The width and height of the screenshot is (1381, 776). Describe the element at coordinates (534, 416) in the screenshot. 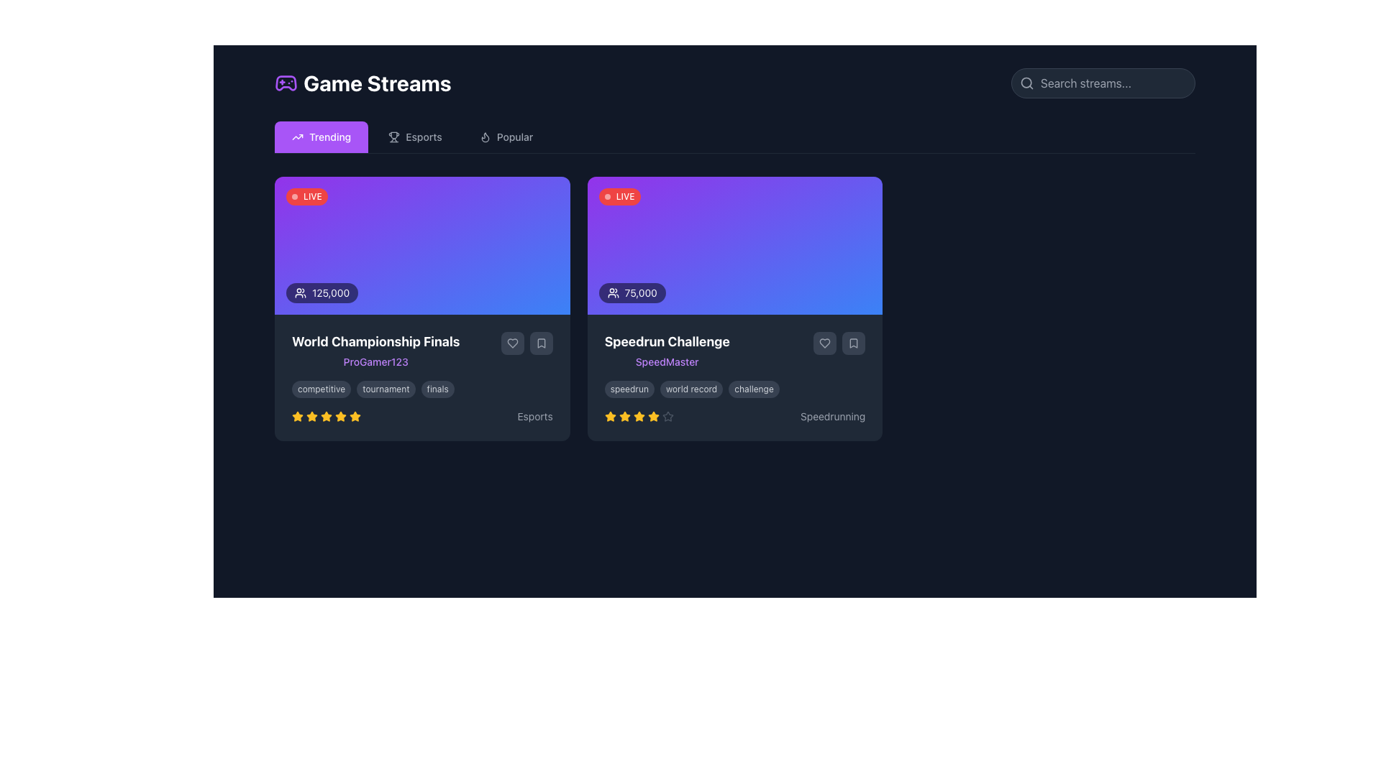

I see `the 'Esports' text label located at the bottom-right corner of the card for the game 'World Championship Finals'` at that location.